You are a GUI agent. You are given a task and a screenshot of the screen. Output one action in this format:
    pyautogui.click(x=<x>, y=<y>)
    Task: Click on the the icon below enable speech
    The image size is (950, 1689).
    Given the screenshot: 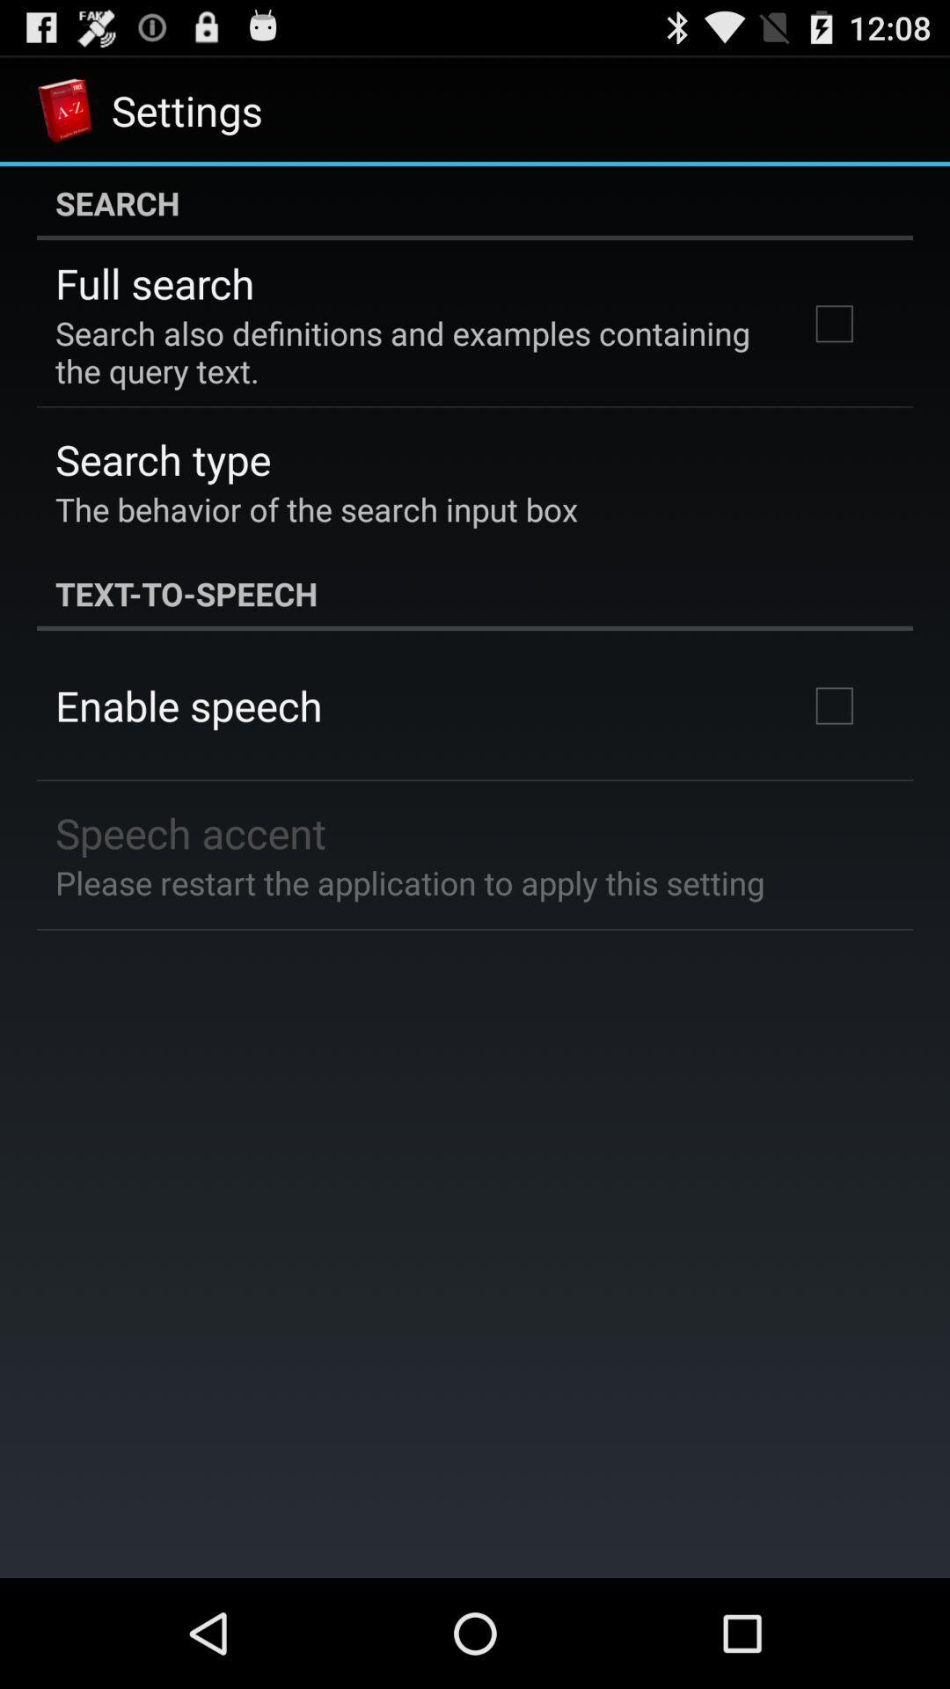 What is the action you would take?
    pyautogui.click(x=191, y=831)
    